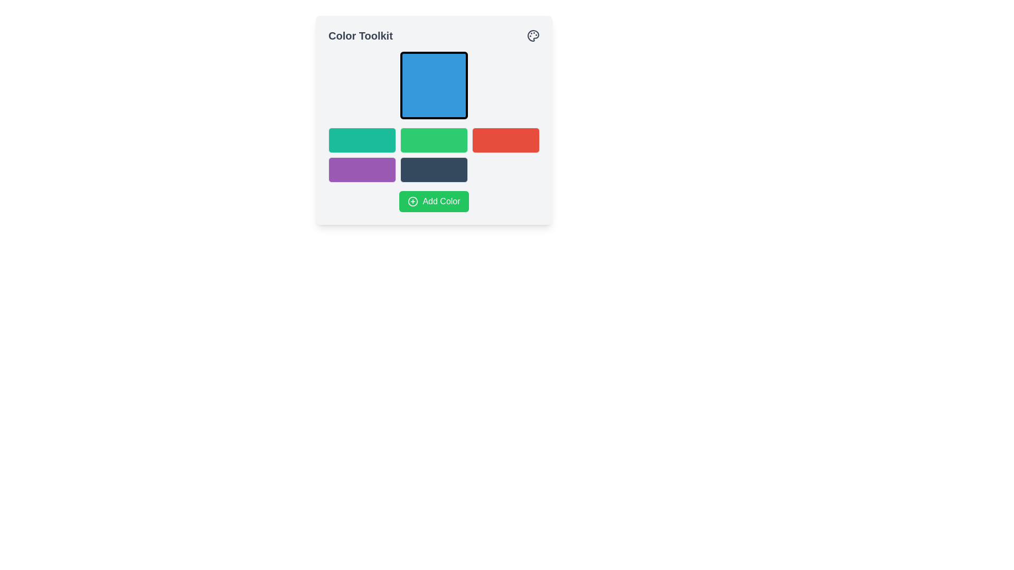 This screenshot has width=1014, height=570. Describe the element at coordinates (362, 169) in the screenshot. I see `the interactive button located in the second row, first column of the grid layout, adjacent to a dark blue button` at that location.